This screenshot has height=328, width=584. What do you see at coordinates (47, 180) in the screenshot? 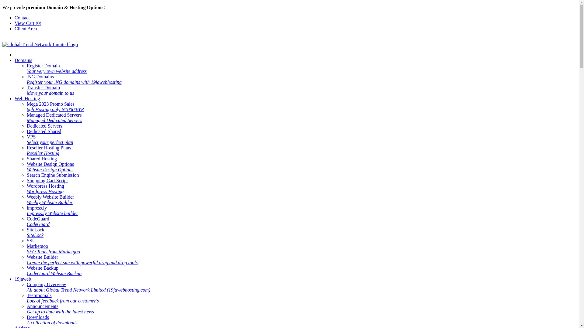
I see `'Shopping Cart Script'` at bounding box center [47, 180].